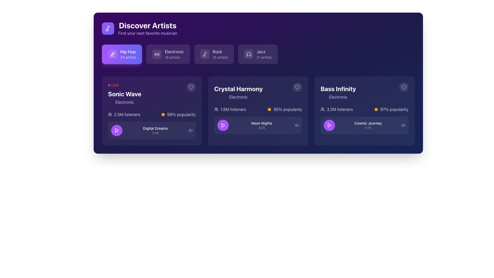  What do you see at coordinates (338, 88) in the screenshot?
I see `the 'Bass Infinity' text label, which is styled in bold and white color, located at the top of the card in the 'Discover Artists' section` at bounding box center [338, 88].